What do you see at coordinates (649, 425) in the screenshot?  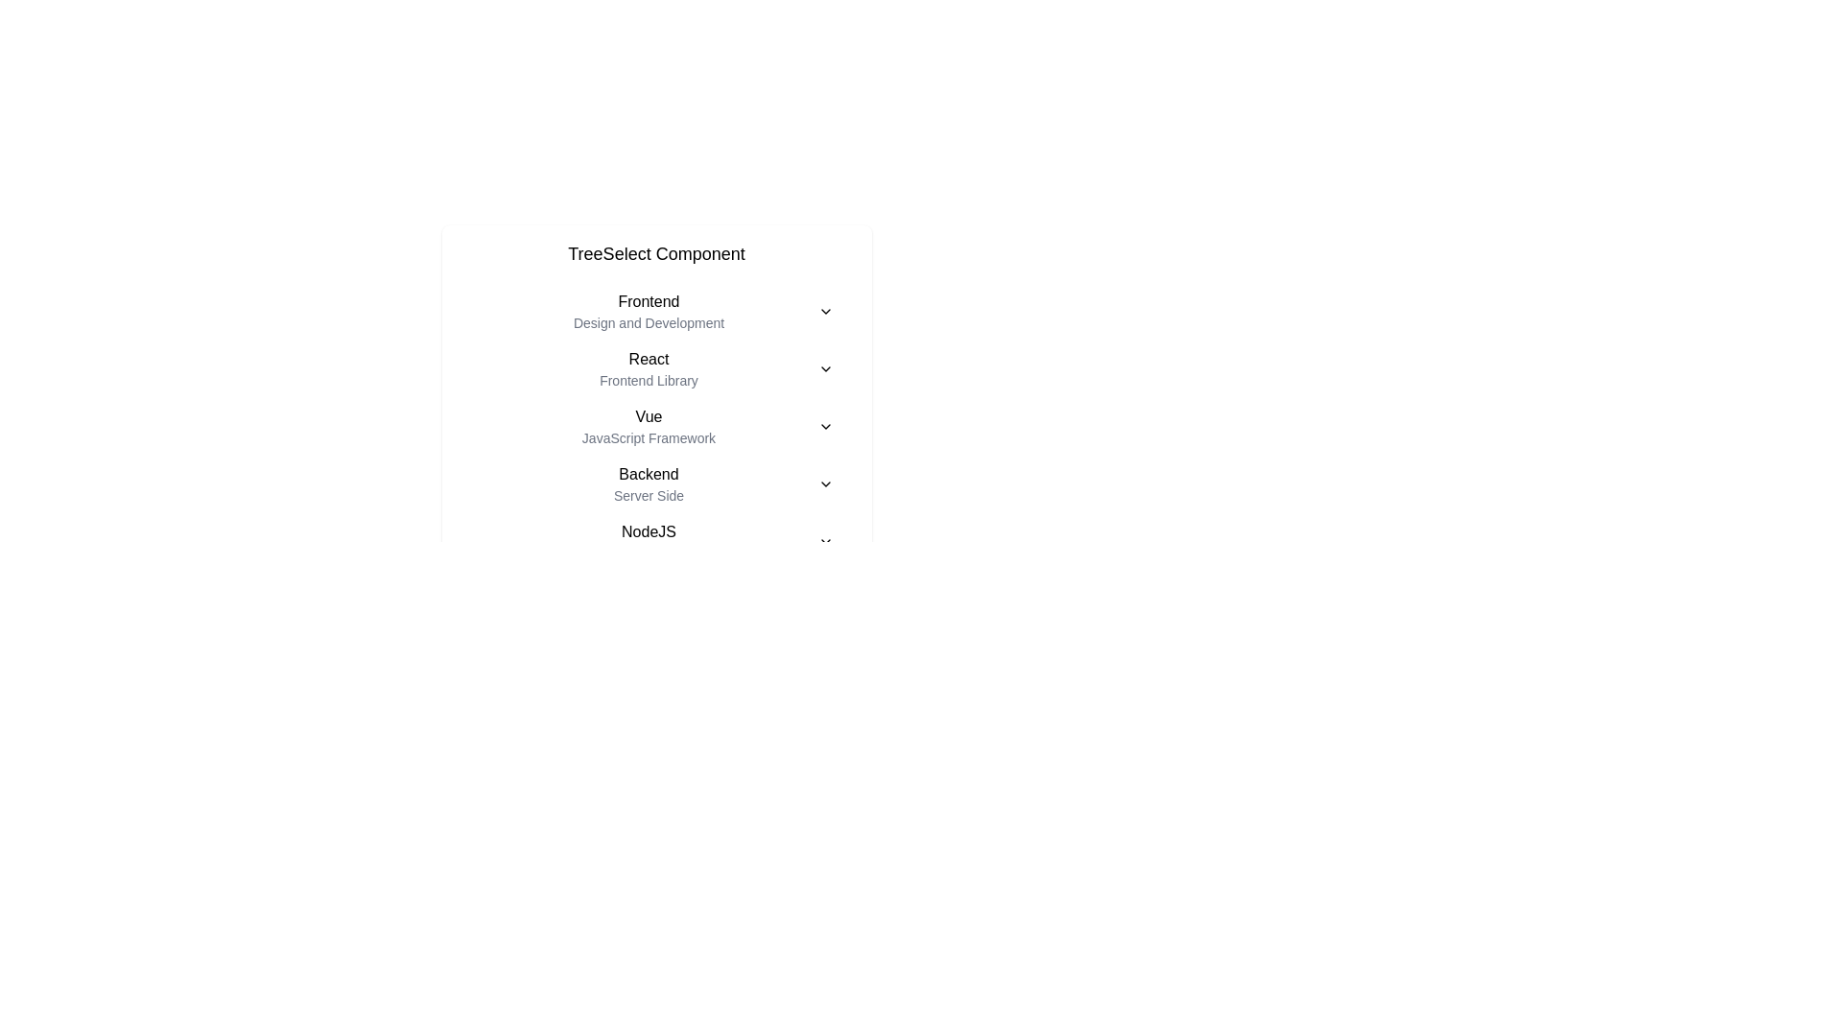 I see `the details of the 'Vue' category label within the 'TreeSelect Component' interface, located under the 'Frontend' section` at bounding box center [649, 425].